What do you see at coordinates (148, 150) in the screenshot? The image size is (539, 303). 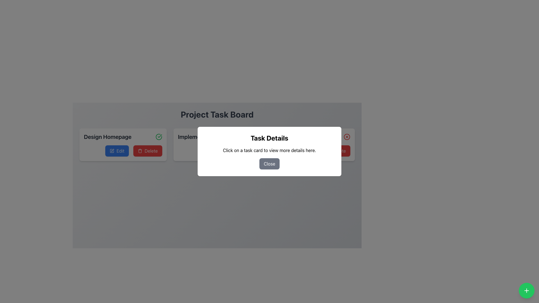 I see `the delete button` at bounding box center [148, 150].